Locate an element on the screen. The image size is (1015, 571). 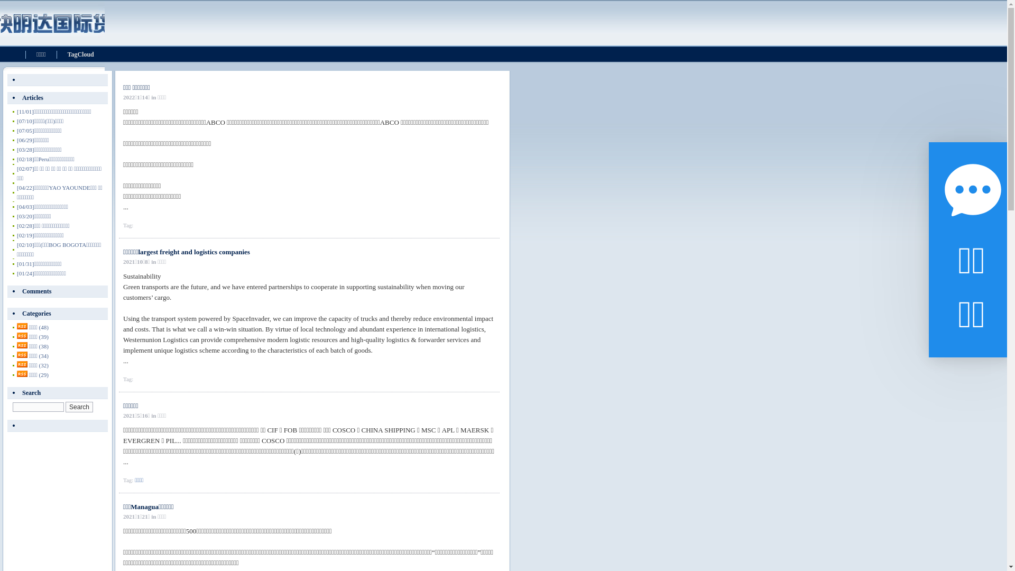
'Search' is located at coordinates (65, 407).